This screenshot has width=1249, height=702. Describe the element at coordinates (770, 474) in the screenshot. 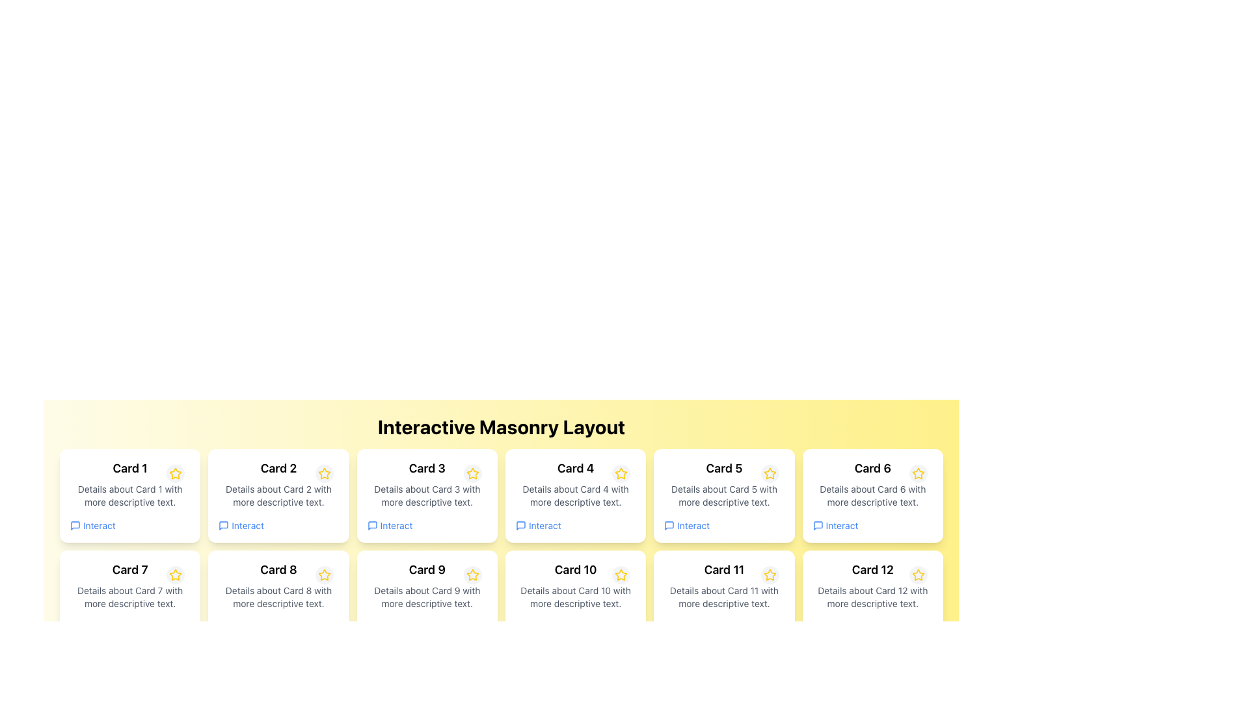

I see `the yellow star icon with a white fill and yellow outline located in the top-right corner of 'Card 5'` at that location.